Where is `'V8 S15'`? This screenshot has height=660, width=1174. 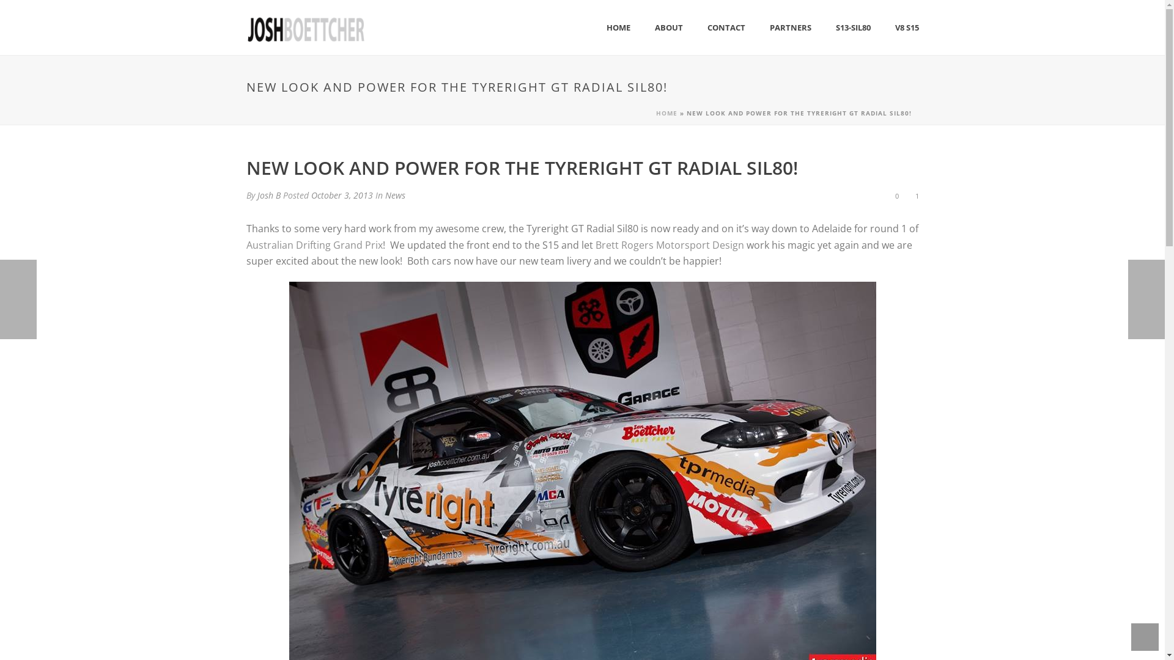 'V8 S15' is located at coordinates (883, 28).